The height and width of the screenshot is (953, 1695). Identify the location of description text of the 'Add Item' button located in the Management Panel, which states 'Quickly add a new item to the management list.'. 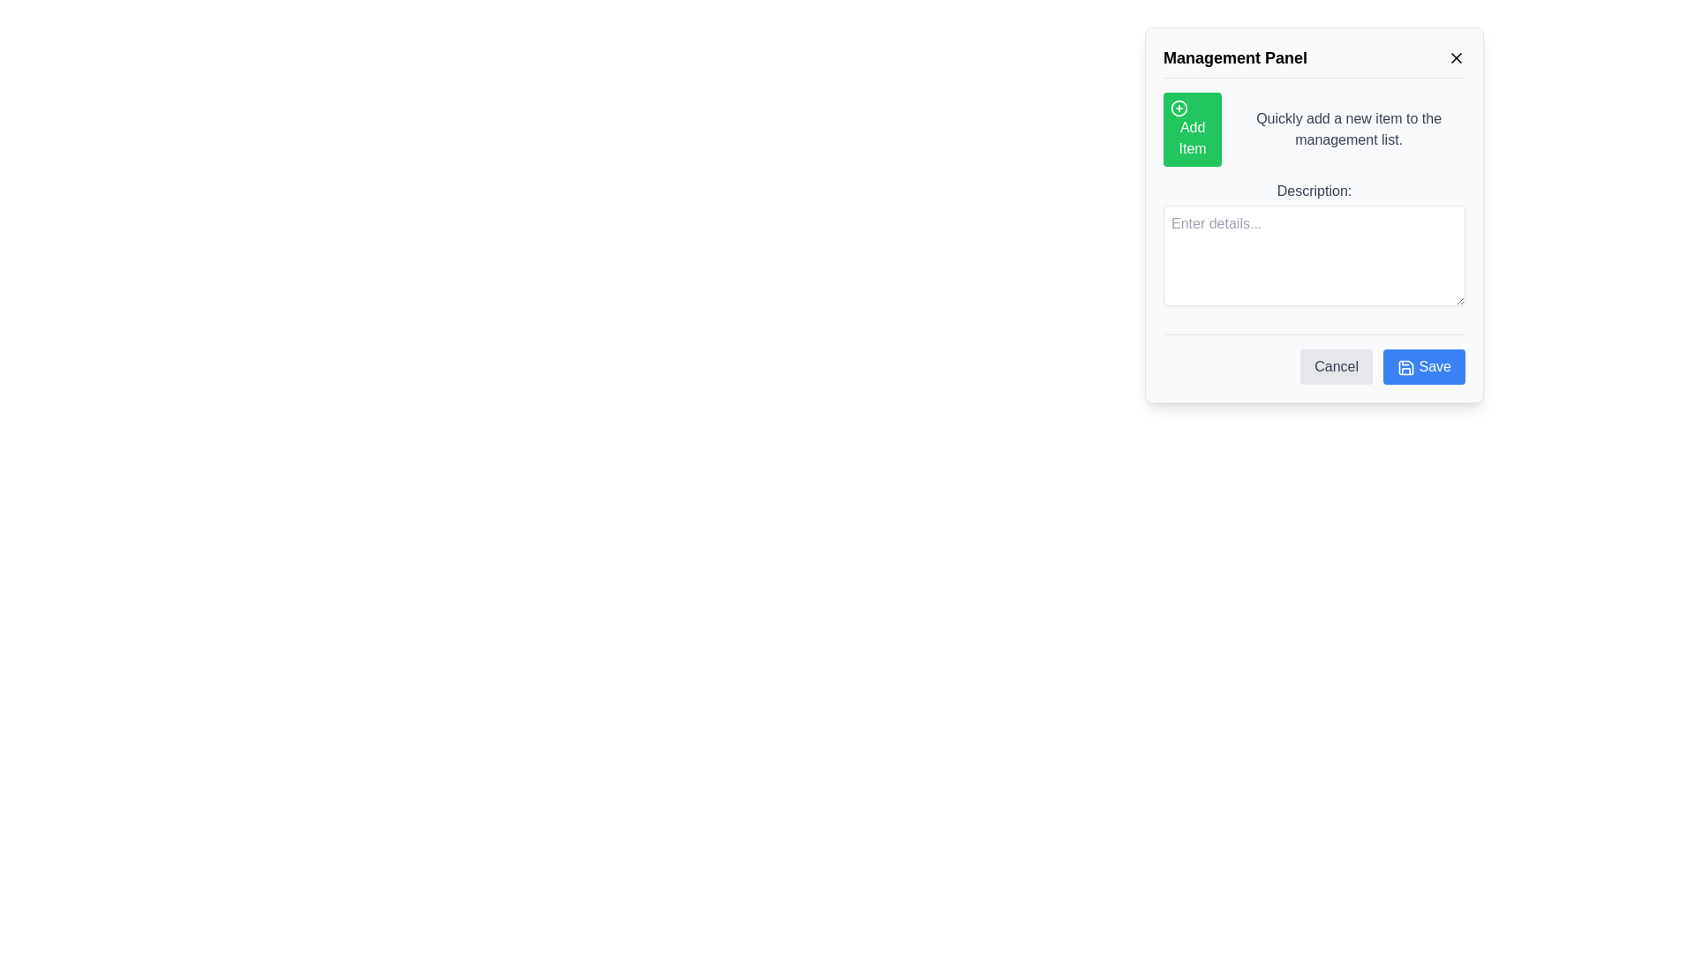
(1314, 128).